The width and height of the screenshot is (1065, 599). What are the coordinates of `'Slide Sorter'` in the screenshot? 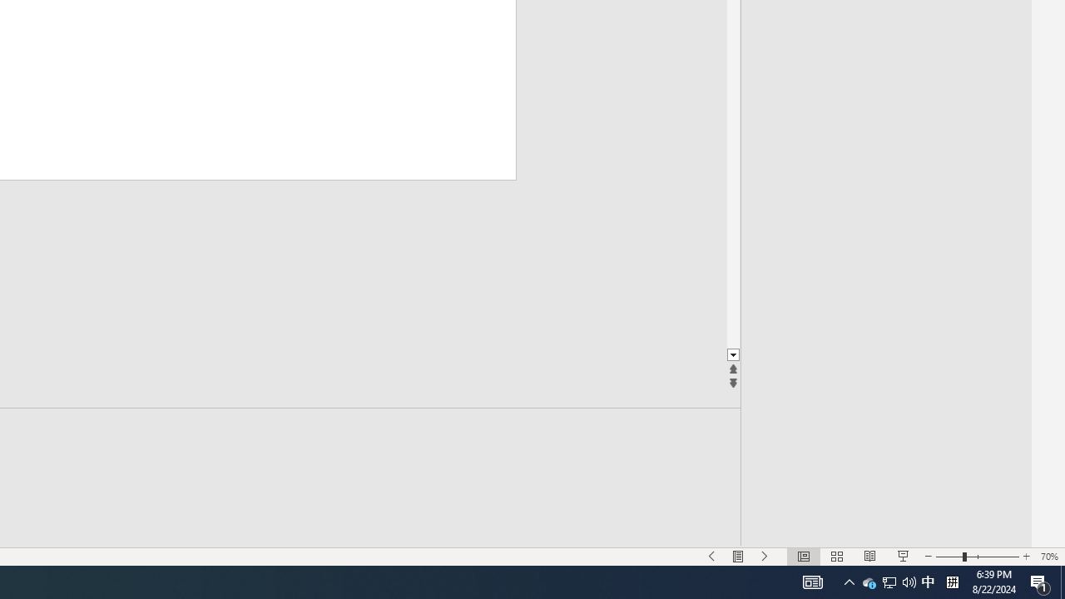 It's located at (837, 557).